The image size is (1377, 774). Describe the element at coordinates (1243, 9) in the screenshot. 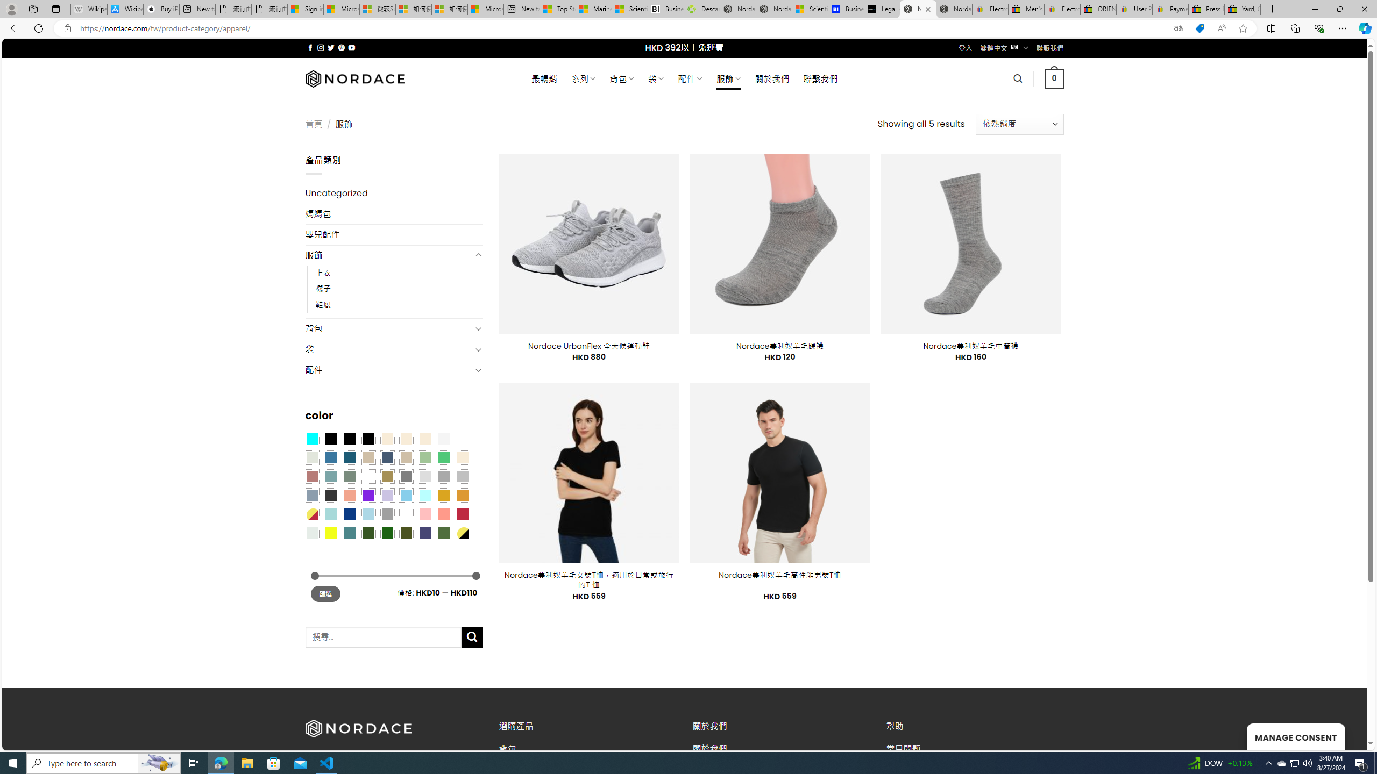

I see `'Yard, Garden & Outdoor Living'` at that location.